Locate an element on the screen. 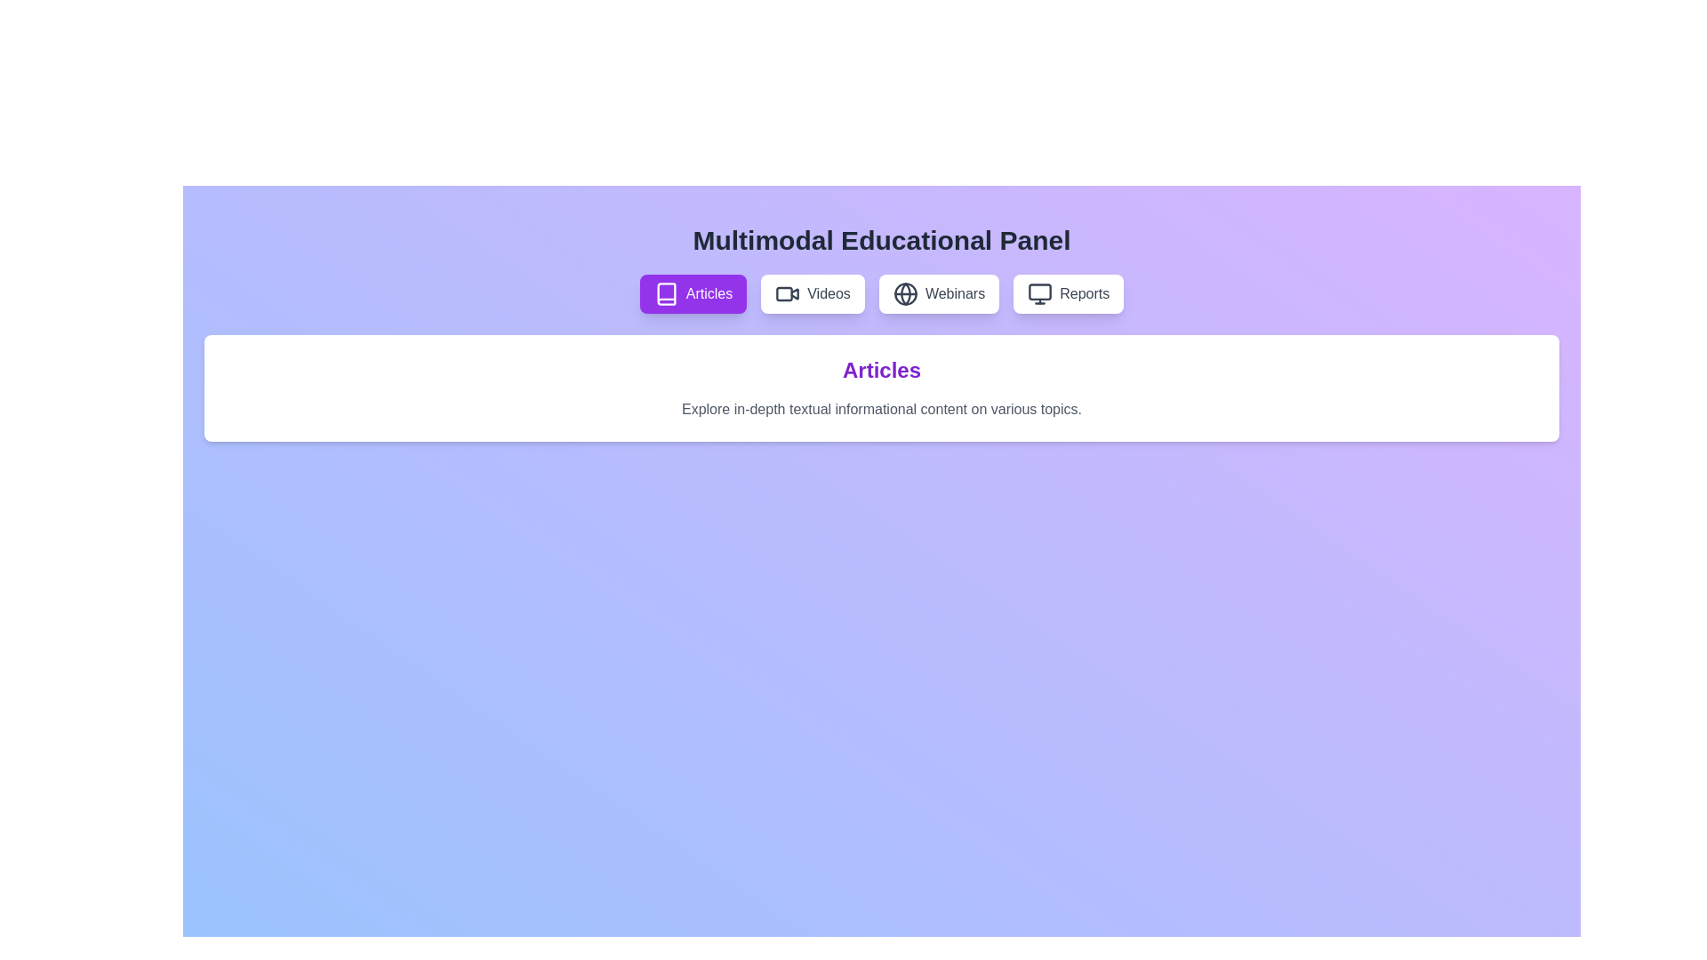  the 'Videos' button, which is the second button in a horizontal row of four, featuring a white background, gray text, and a video camera icon to the left is located at coordinates (812, 293).